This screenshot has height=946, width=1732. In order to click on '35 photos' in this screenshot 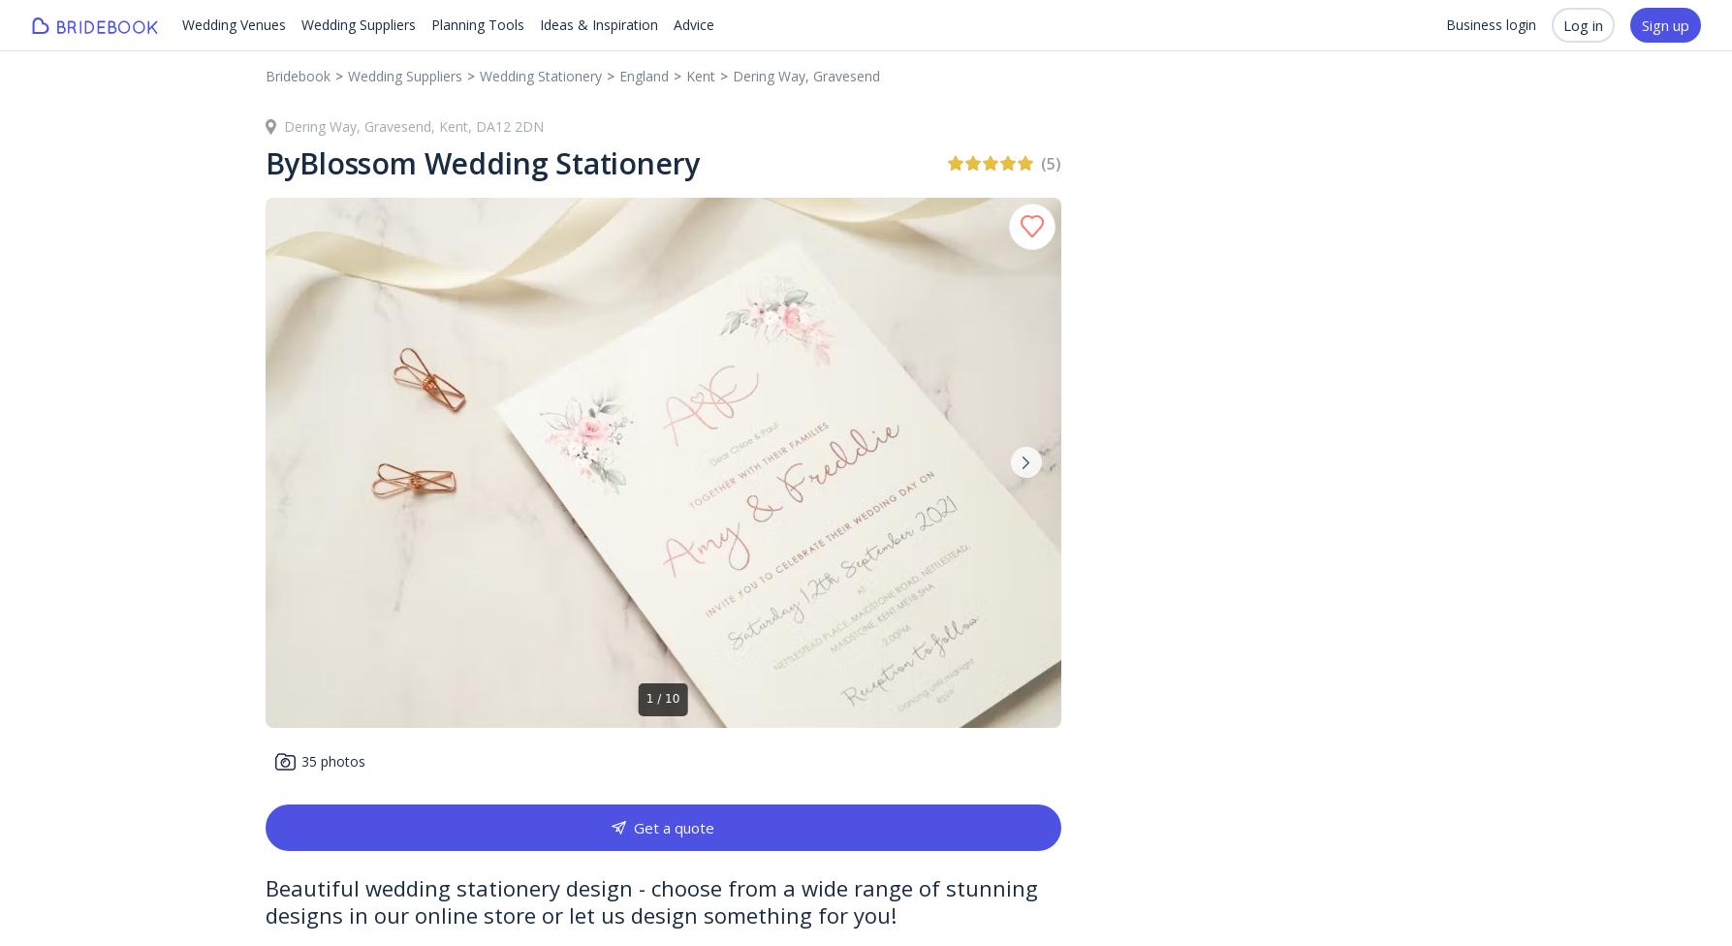, I will do `click(331, 761)`.